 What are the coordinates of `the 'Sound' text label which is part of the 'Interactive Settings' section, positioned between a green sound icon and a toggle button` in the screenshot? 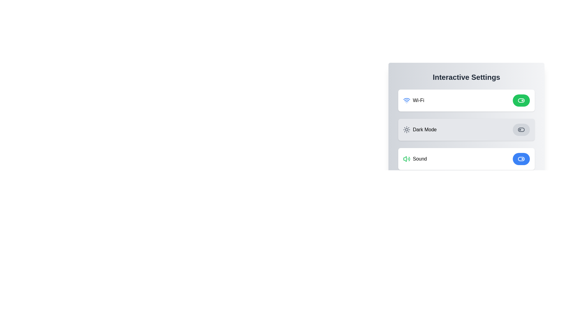 It's located at (420, 158).